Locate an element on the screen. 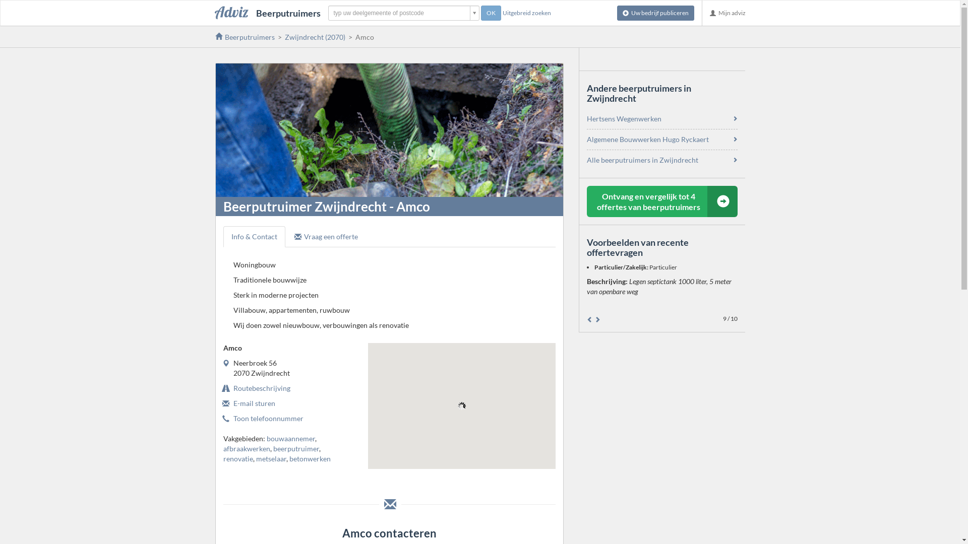 This screenshot has width=968, height=544. 'Zwijndrecht (2070)' is located at coordinates (314, 36).